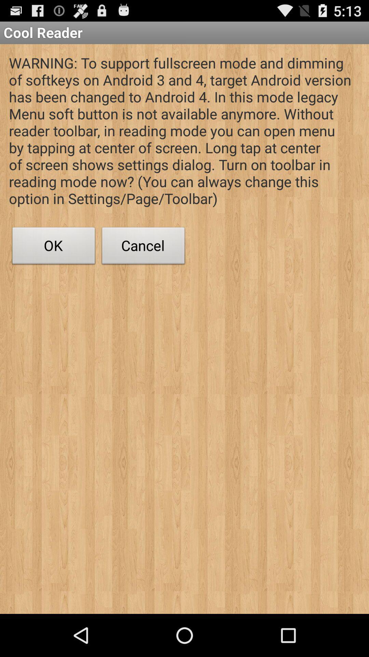 This screenshot has width=369, height=657. What do you see at coordinates (53, 247) in the screenshot?
I see `icon to the left of cancel button` at bounding box center [53, 247].